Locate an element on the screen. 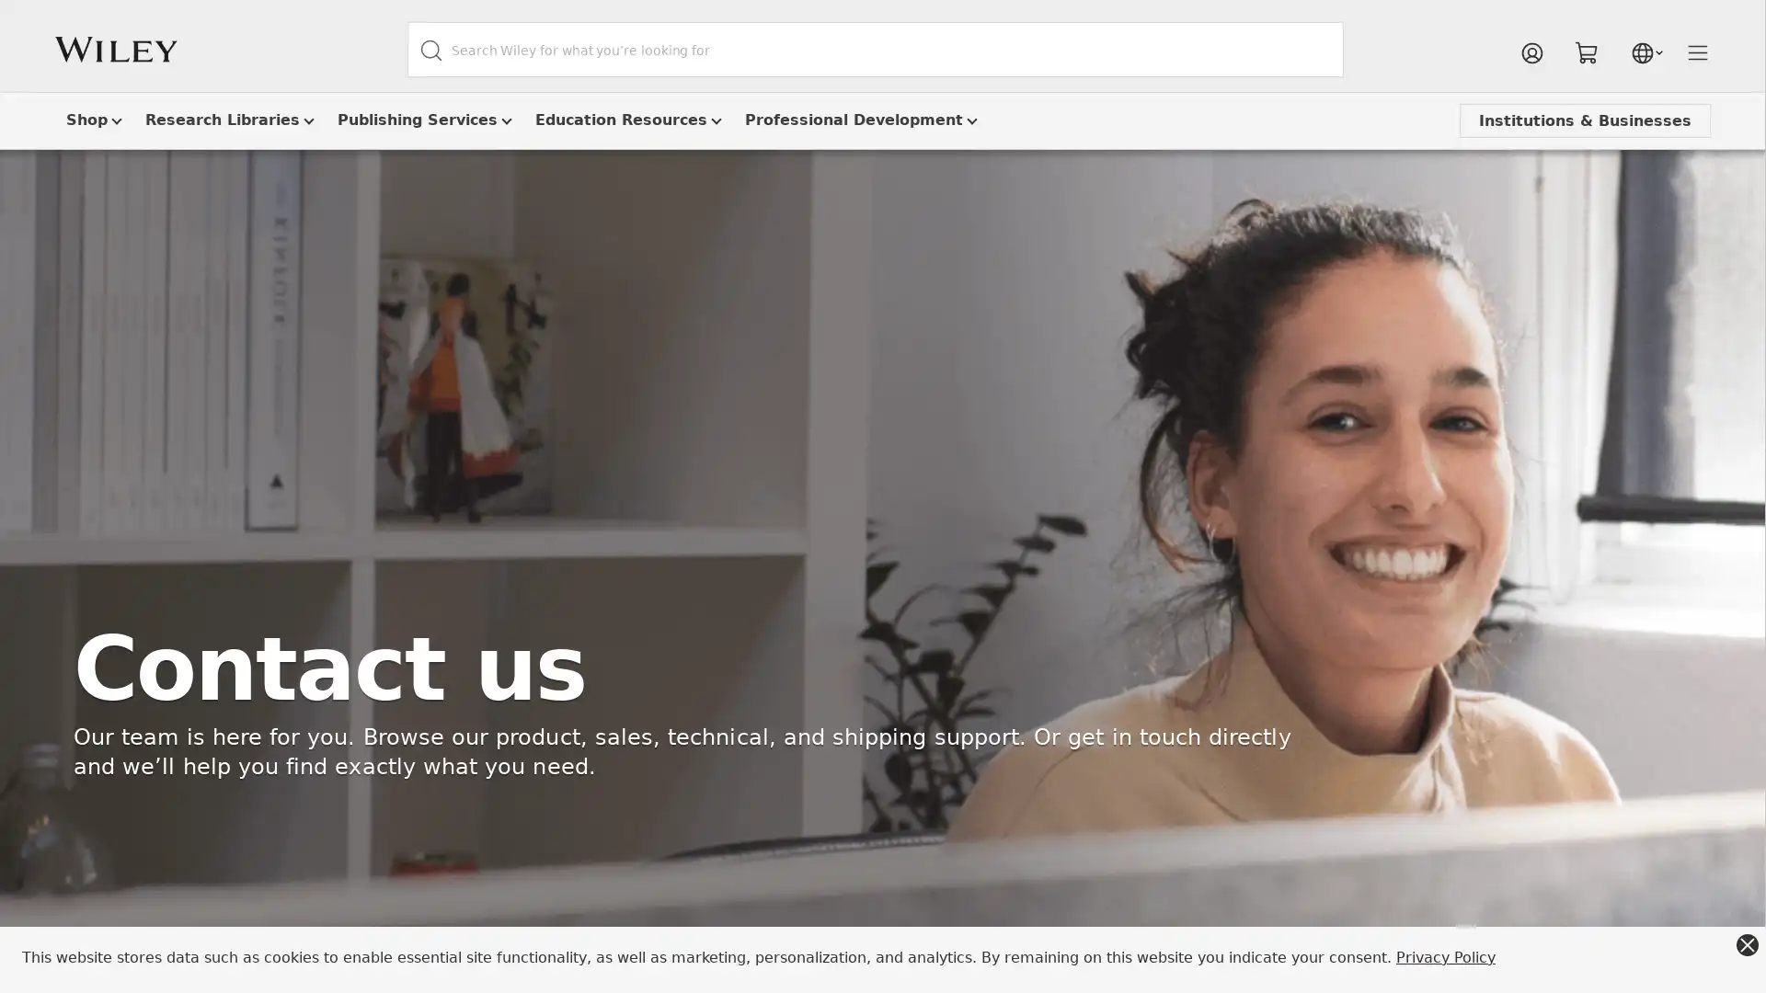 The image size is (1766, 993). Education Resources is located at coordinates (626, 120).